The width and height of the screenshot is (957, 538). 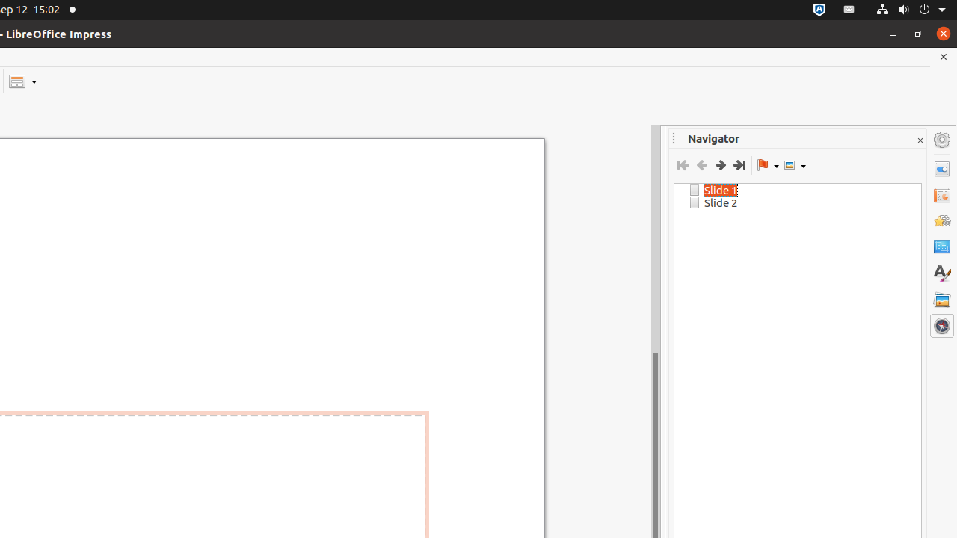 I want to click on 'Previous Slide', so click(x=701, y=165).